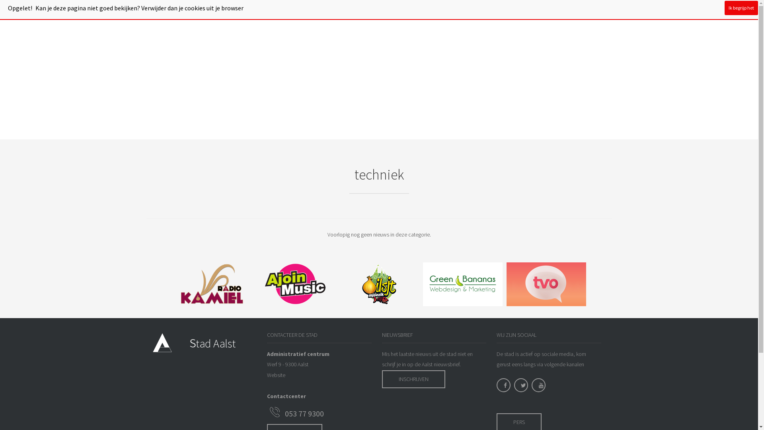 This screenshot has height=430, width=764. What do you see at coordinates (741, 8) in the screenshot?
I see `'Ik begrijp het'` at bounding box center [741, 8].